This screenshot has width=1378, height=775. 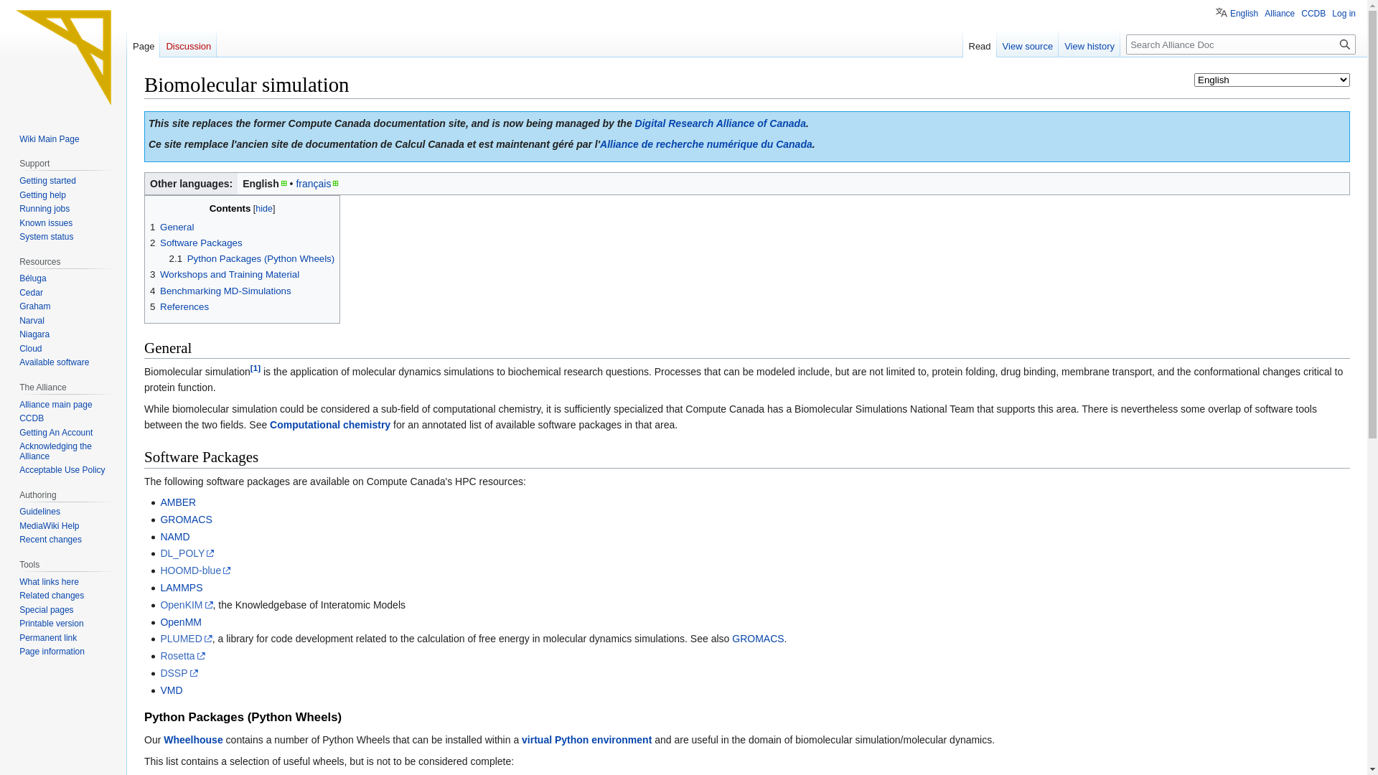 I want to click on 'Narval', so click(x=32, y=320).